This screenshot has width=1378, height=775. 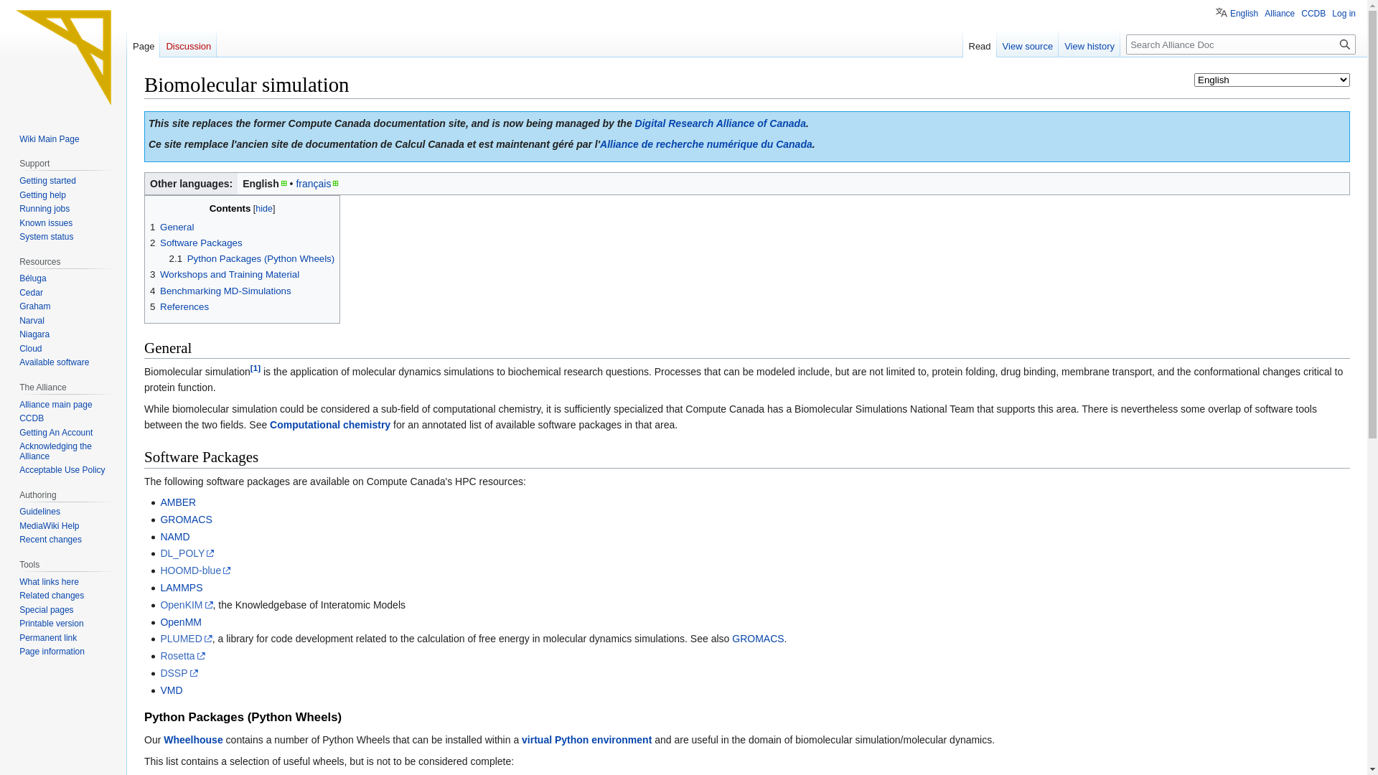 I want to click on 'Narval', so click(x=32, y=320).